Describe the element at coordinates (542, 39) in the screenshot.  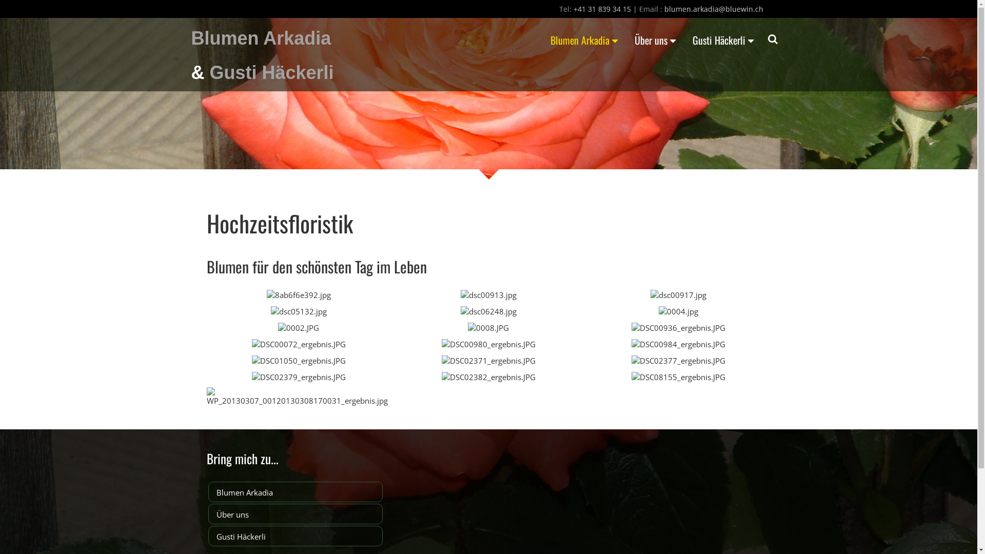
I see `'Blumen Arkadia'` at that location.